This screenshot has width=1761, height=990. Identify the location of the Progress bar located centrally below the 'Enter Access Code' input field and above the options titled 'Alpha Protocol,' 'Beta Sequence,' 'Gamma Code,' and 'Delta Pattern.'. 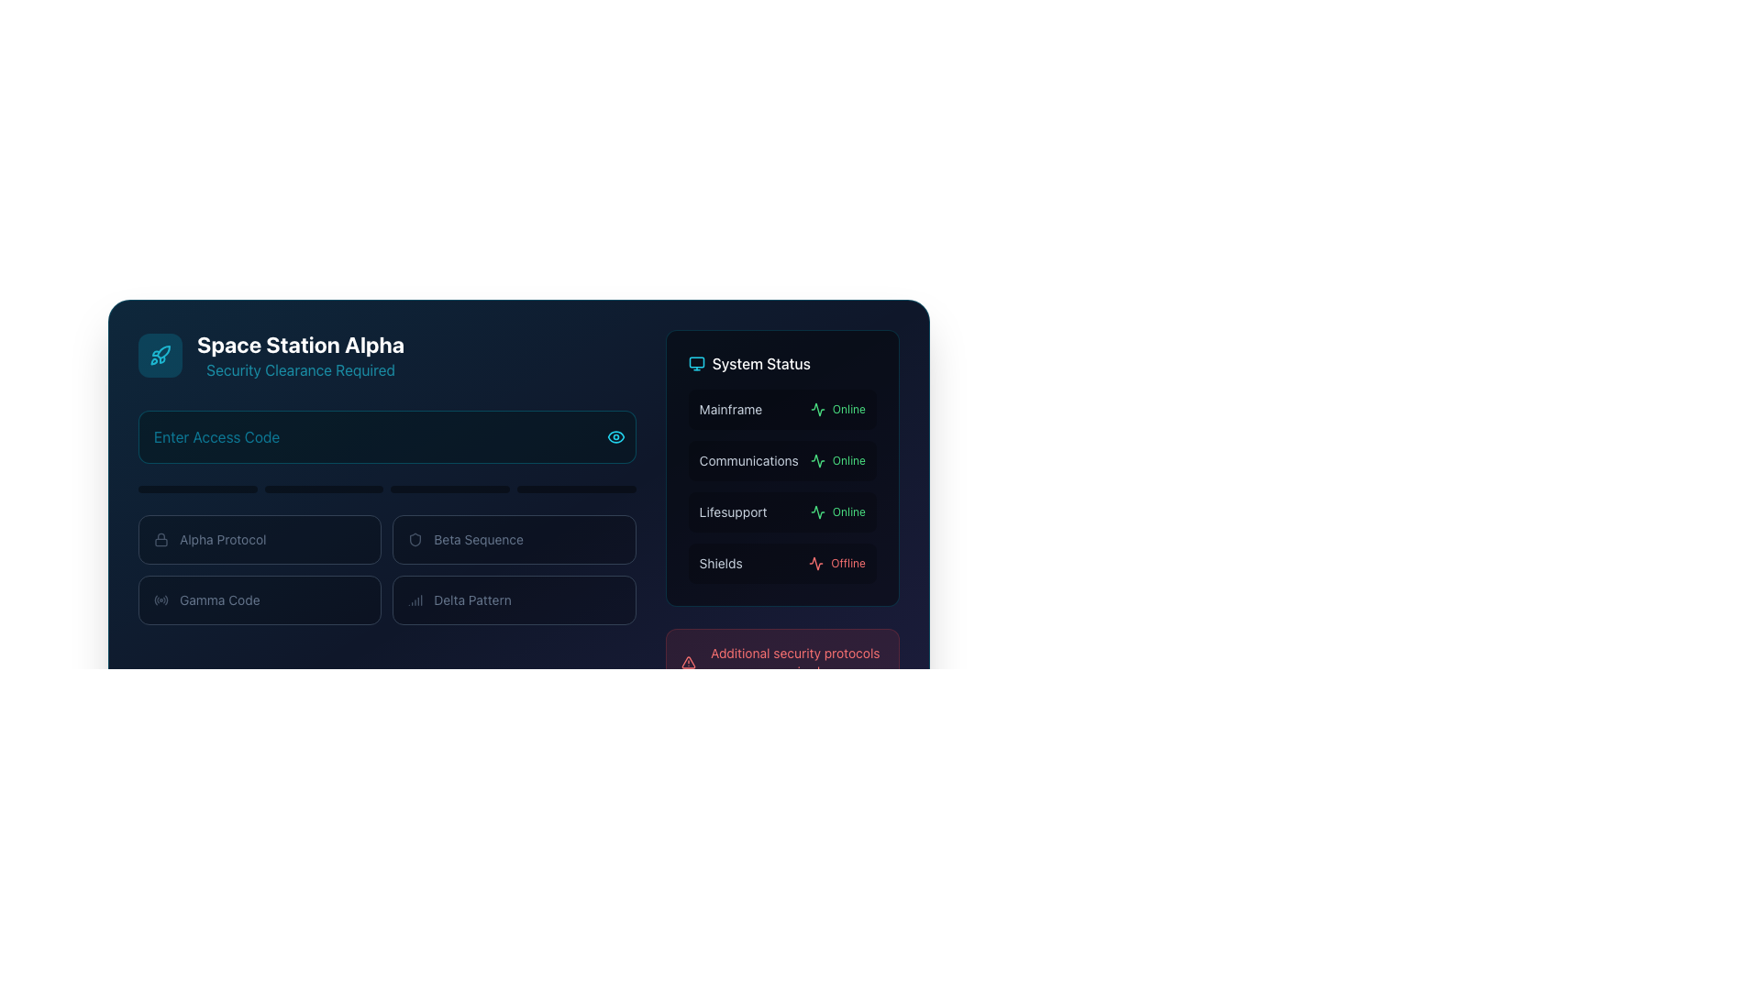
(386, 488).